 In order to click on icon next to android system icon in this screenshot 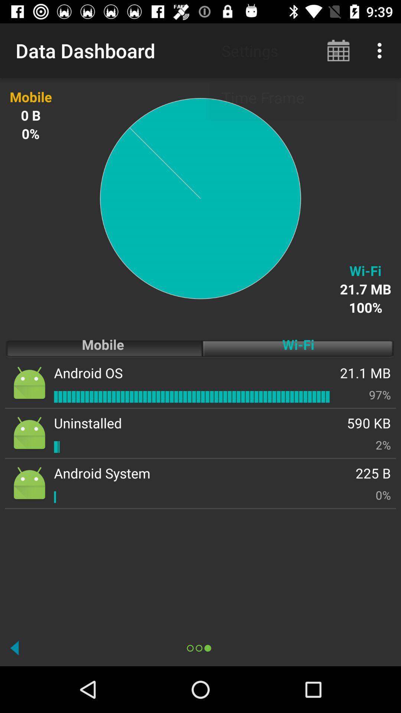, I will do `click(373, 473)`.